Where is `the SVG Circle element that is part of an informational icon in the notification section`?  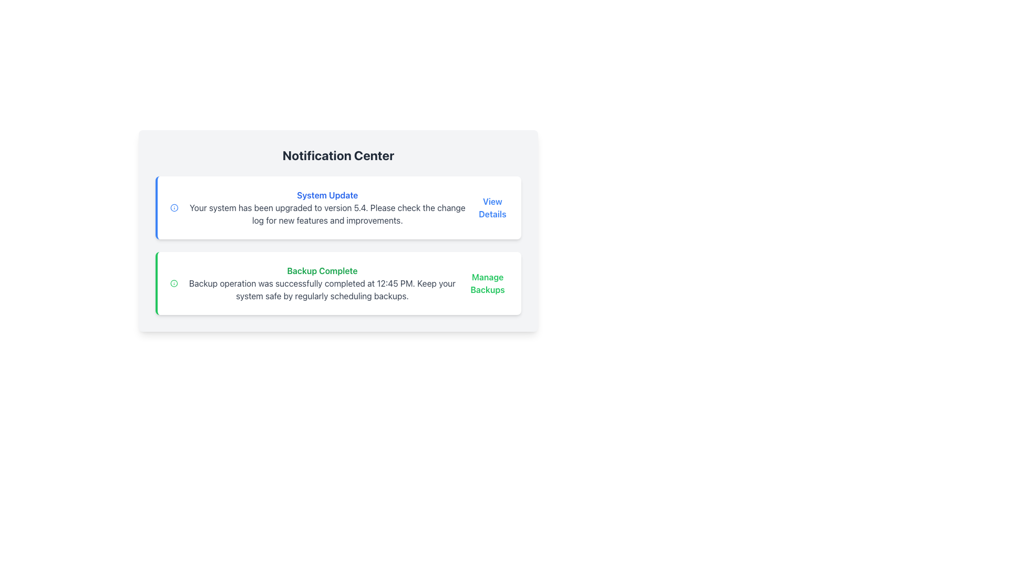 the SVG Circle element that is part of an informational icon in the notification section is located at coordinates (174, 208).